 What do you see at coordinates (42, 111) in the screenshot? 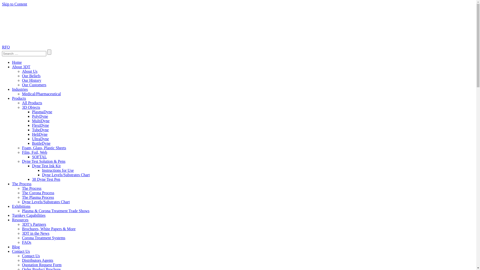
I see `'PlasmaDyne'` at bounding box center [42, 111].